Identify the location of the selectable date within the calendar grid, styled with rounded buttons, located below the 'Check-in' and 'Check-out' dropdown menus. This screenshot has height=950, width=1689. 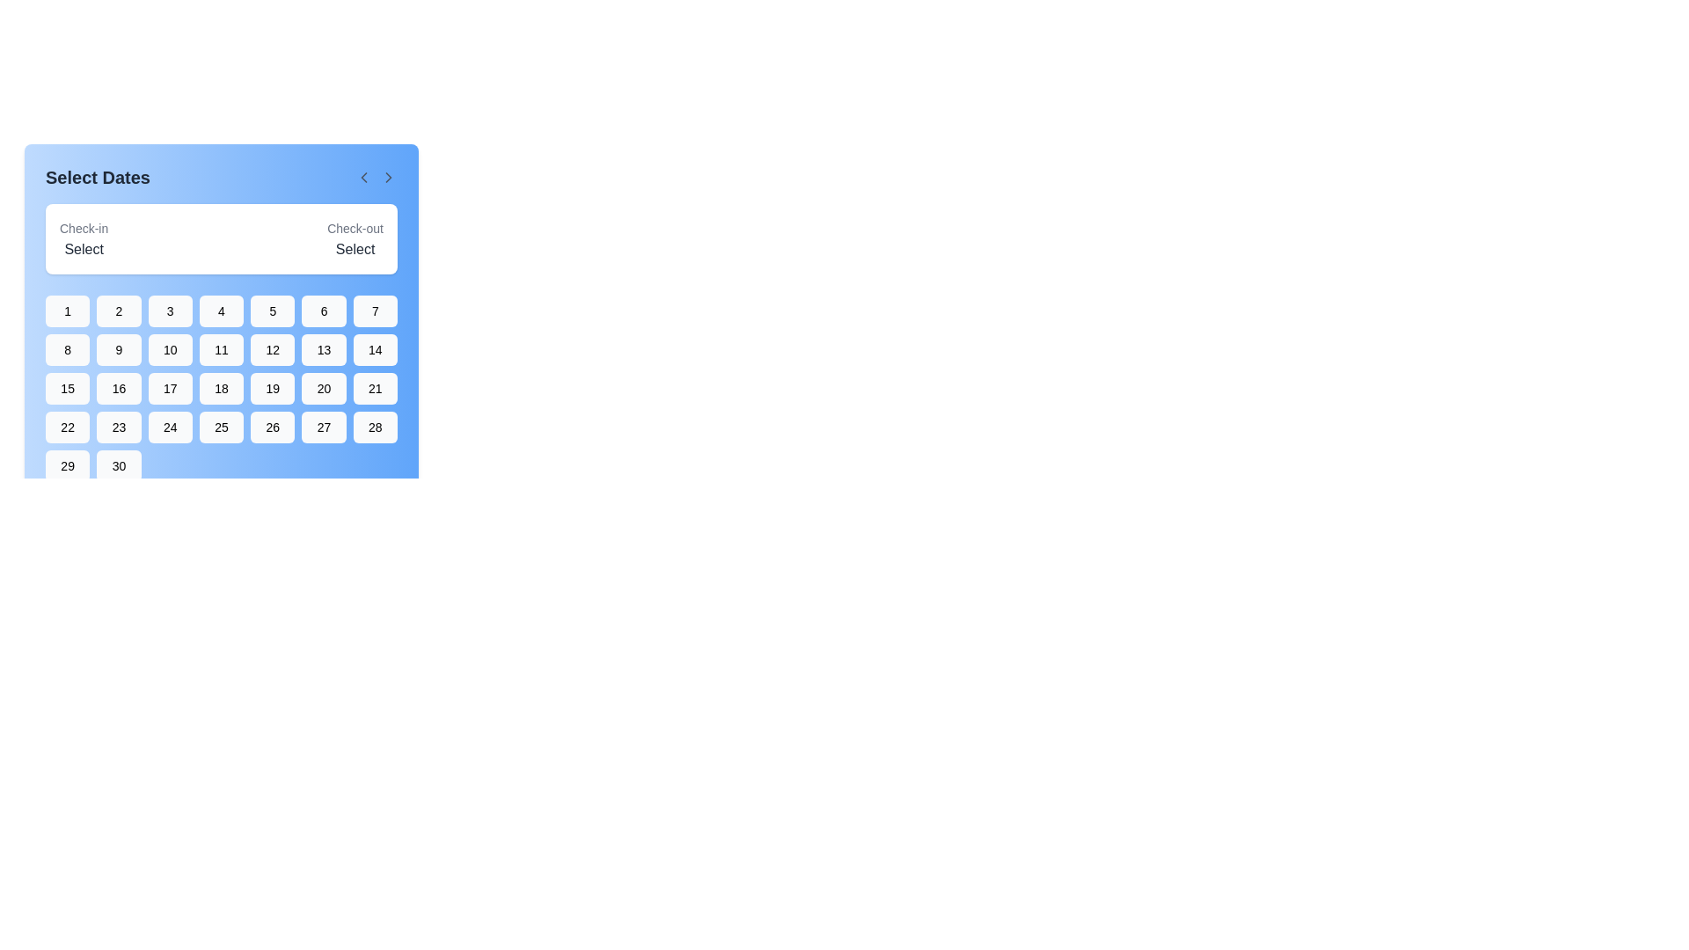
(221, 323).